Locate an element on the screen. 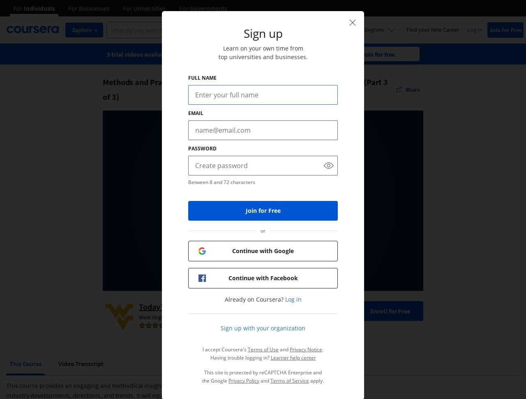 The width and height of the screenshot is (526, 399). 'Terms of Use' is located at coordinates (263, 349).